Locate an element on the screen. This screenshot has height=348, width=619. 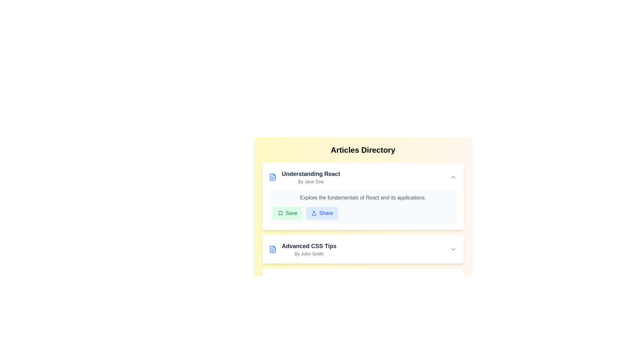
the 'Share' button of the first article is located at coordinates (322, 213).